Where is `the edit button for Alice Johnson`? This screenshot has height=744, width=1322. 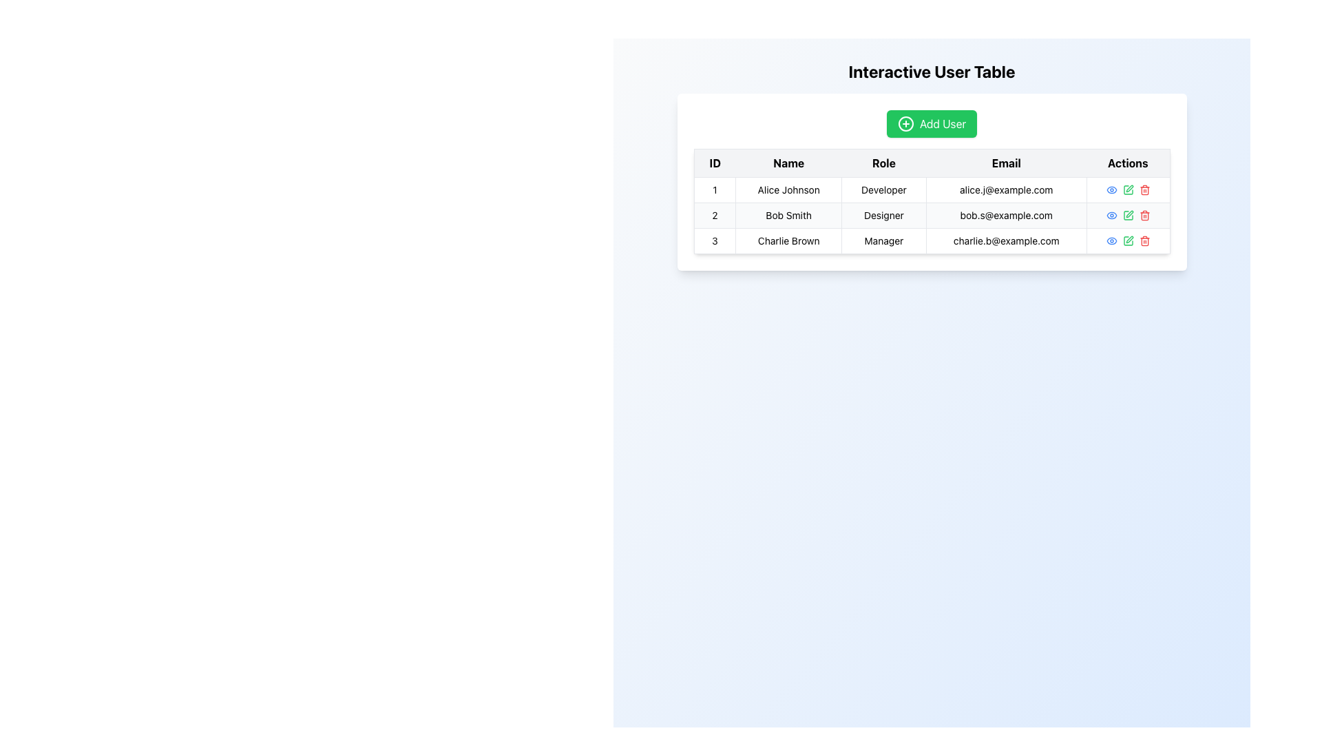 the edit button for Alice Johnson is located at coordinates (1128, 190).